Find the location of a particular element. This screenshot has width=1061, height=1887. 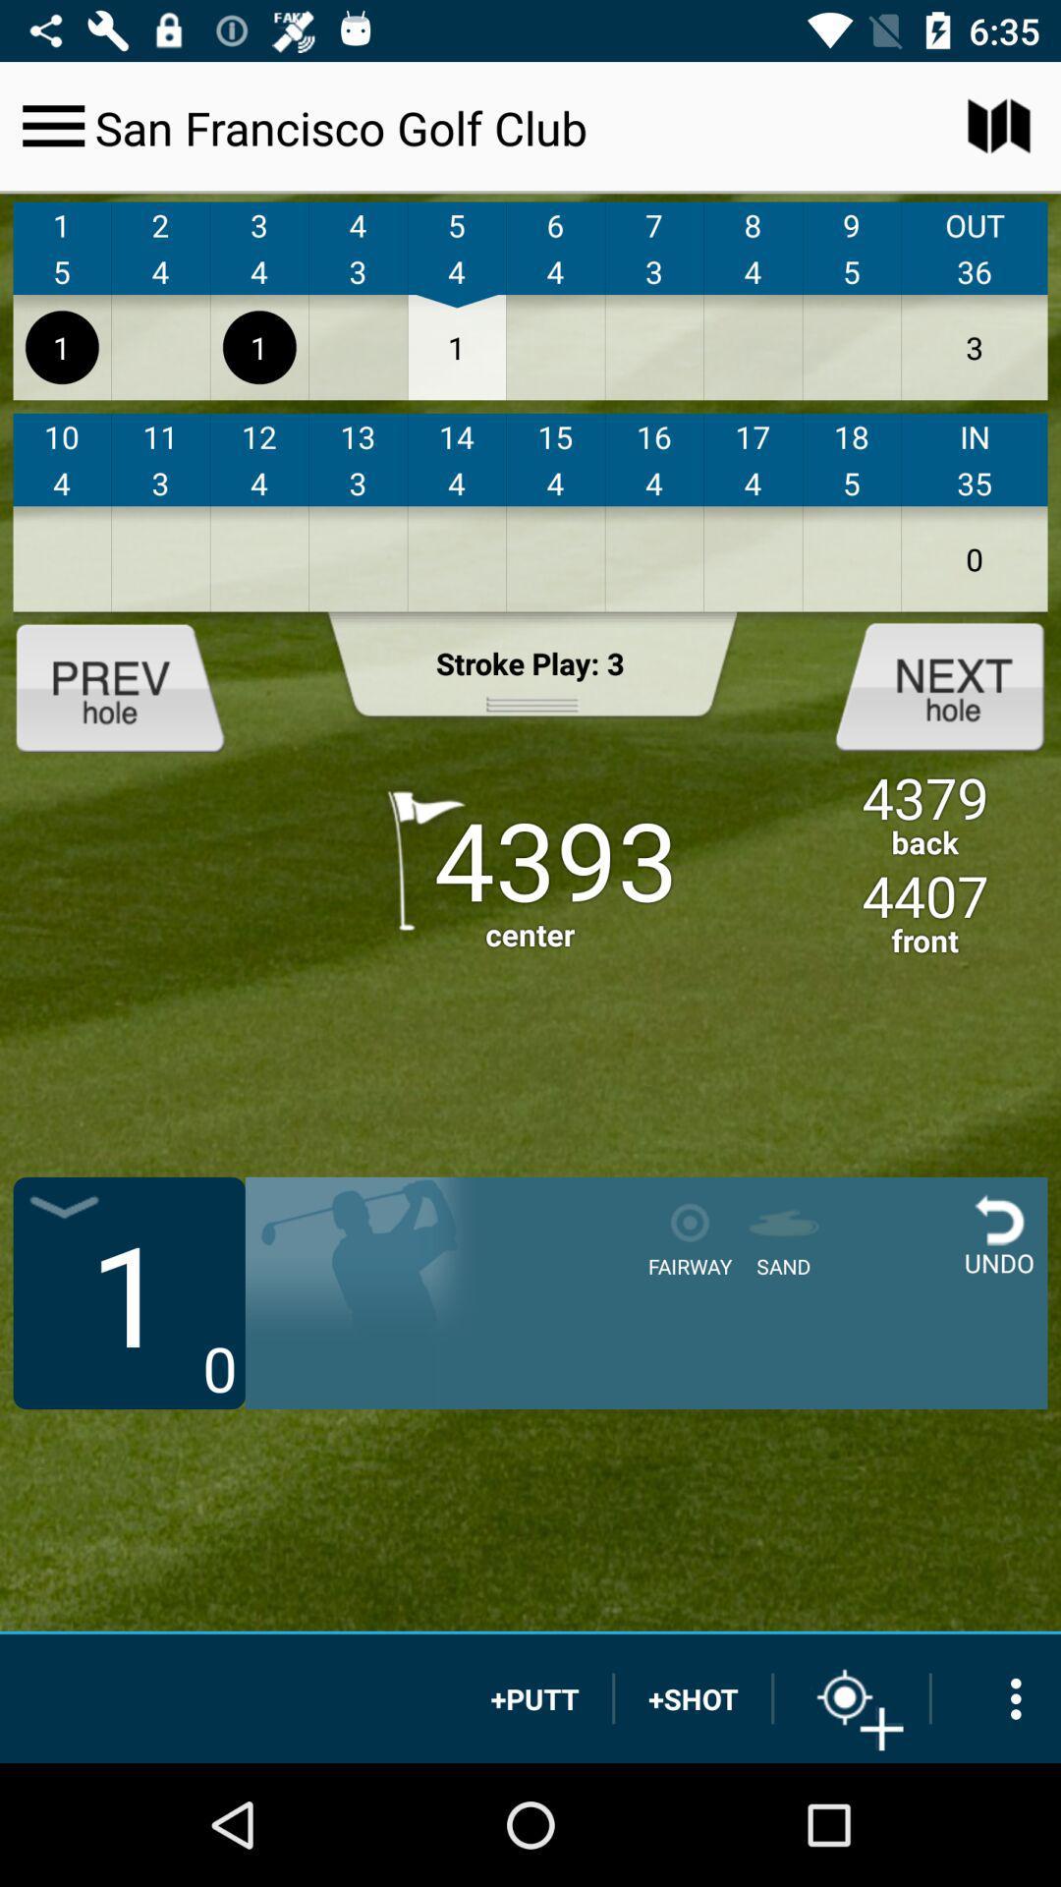

previous is located at coordinates (136, 685).